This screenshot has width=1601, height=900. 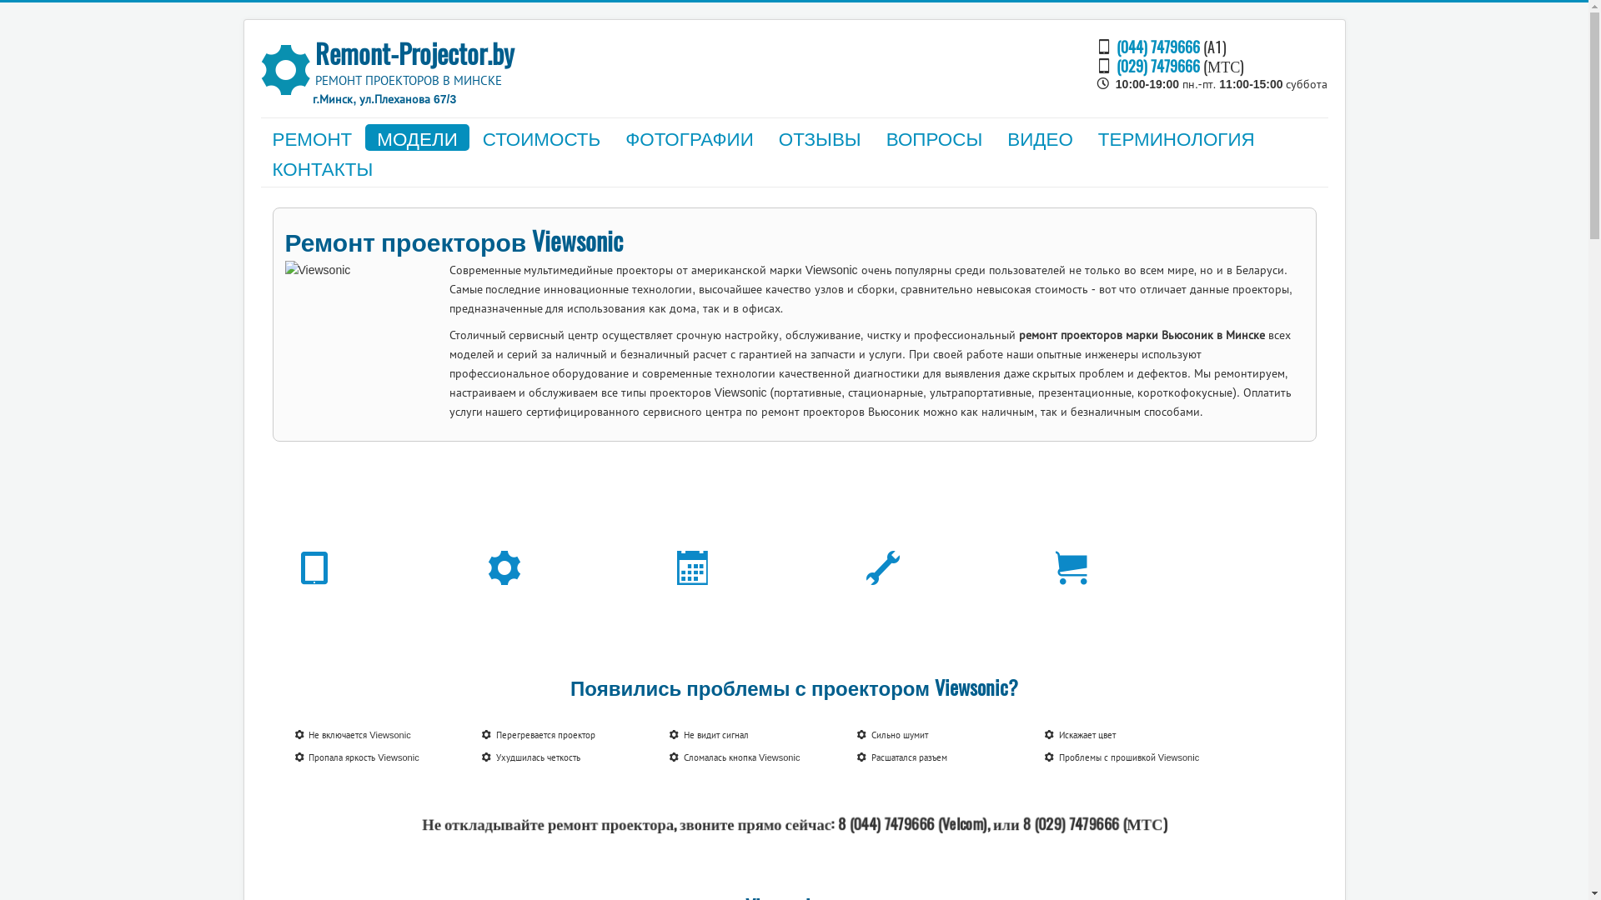 I want to click on 'Viewsonic', so click(x=363, y=331).